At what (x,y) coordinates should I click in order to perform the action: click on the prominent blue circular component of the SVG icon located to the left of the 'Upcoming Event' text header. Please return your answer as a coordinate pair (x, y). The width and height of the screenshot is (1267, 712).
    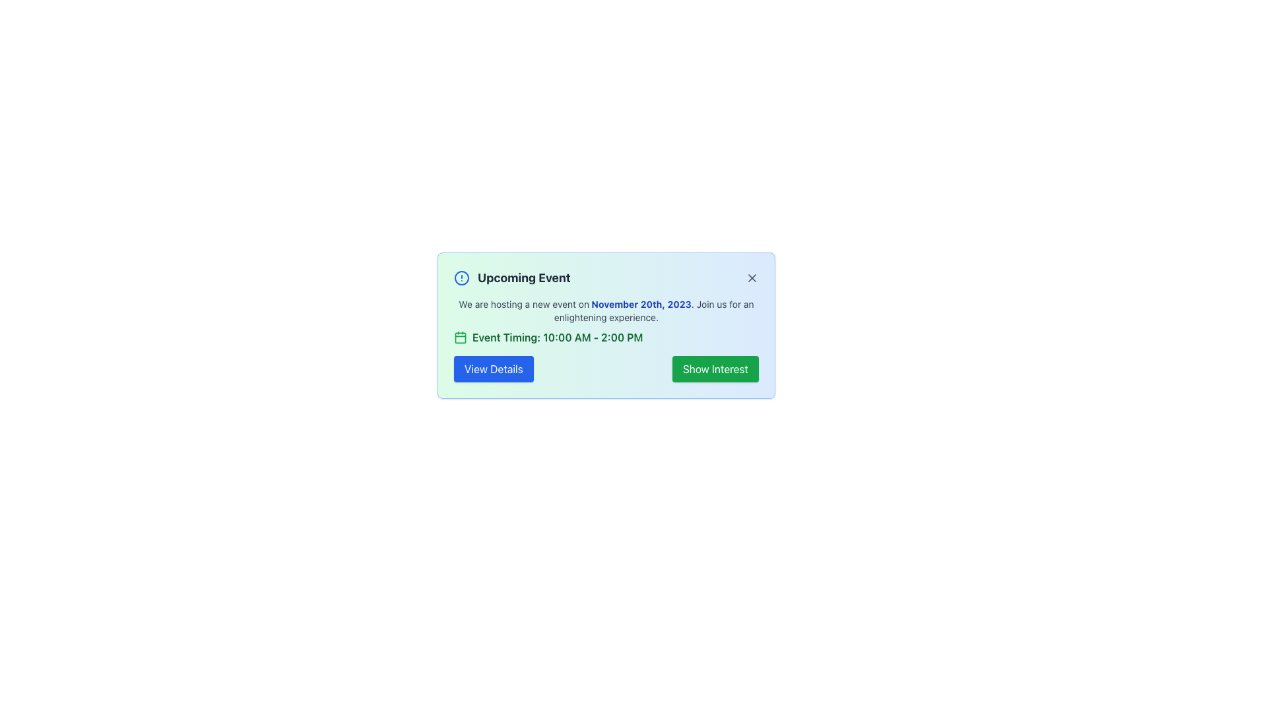
    Looking at the image, I should click on (462, 277).